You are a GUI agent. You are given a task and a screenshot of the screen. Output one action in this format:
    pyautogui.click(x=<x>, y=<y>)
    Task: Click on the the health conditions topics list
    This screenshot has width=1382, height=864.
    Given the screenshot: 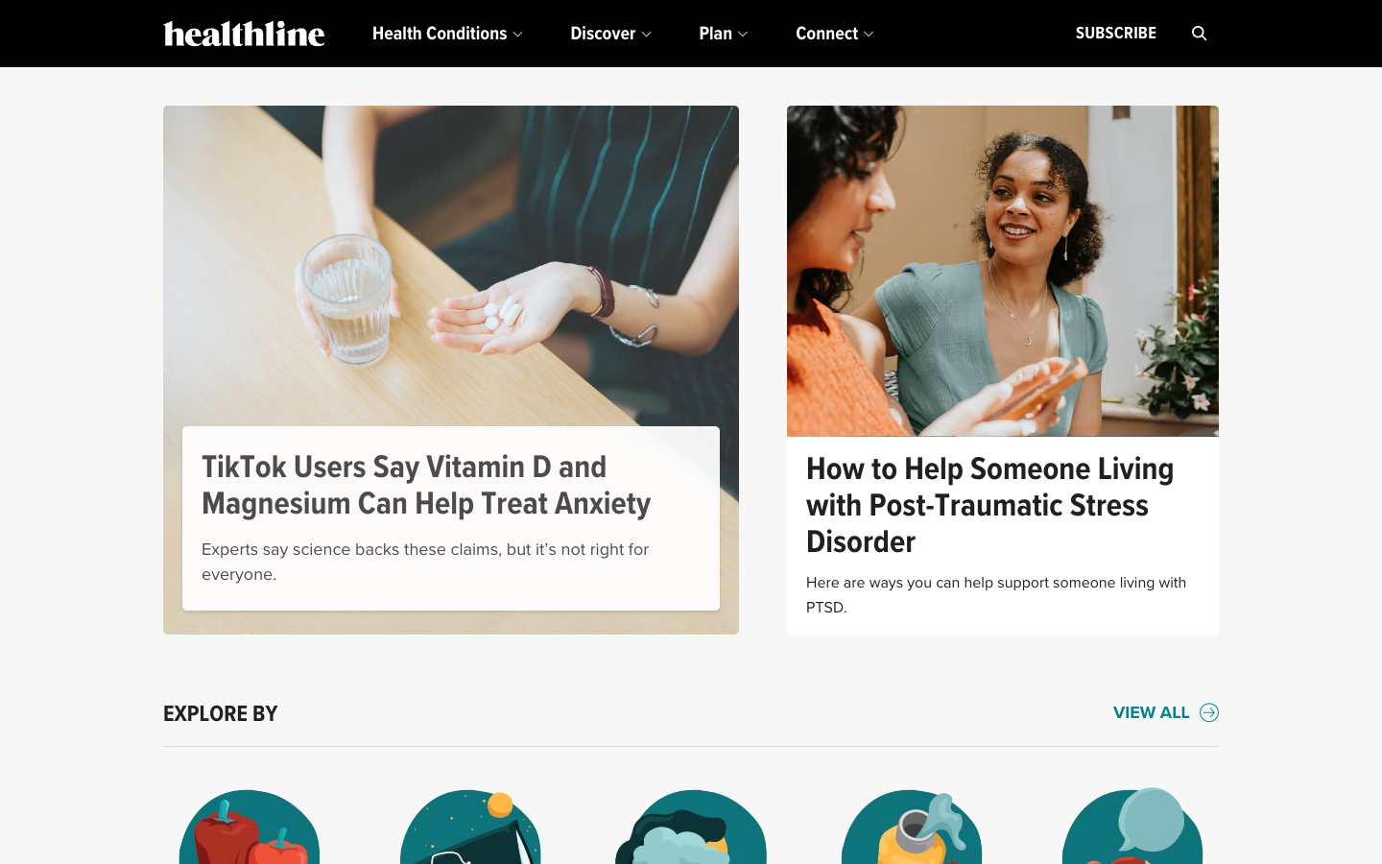 What is the action you would take?
    pyautogui.click(x=446, y=33)
    